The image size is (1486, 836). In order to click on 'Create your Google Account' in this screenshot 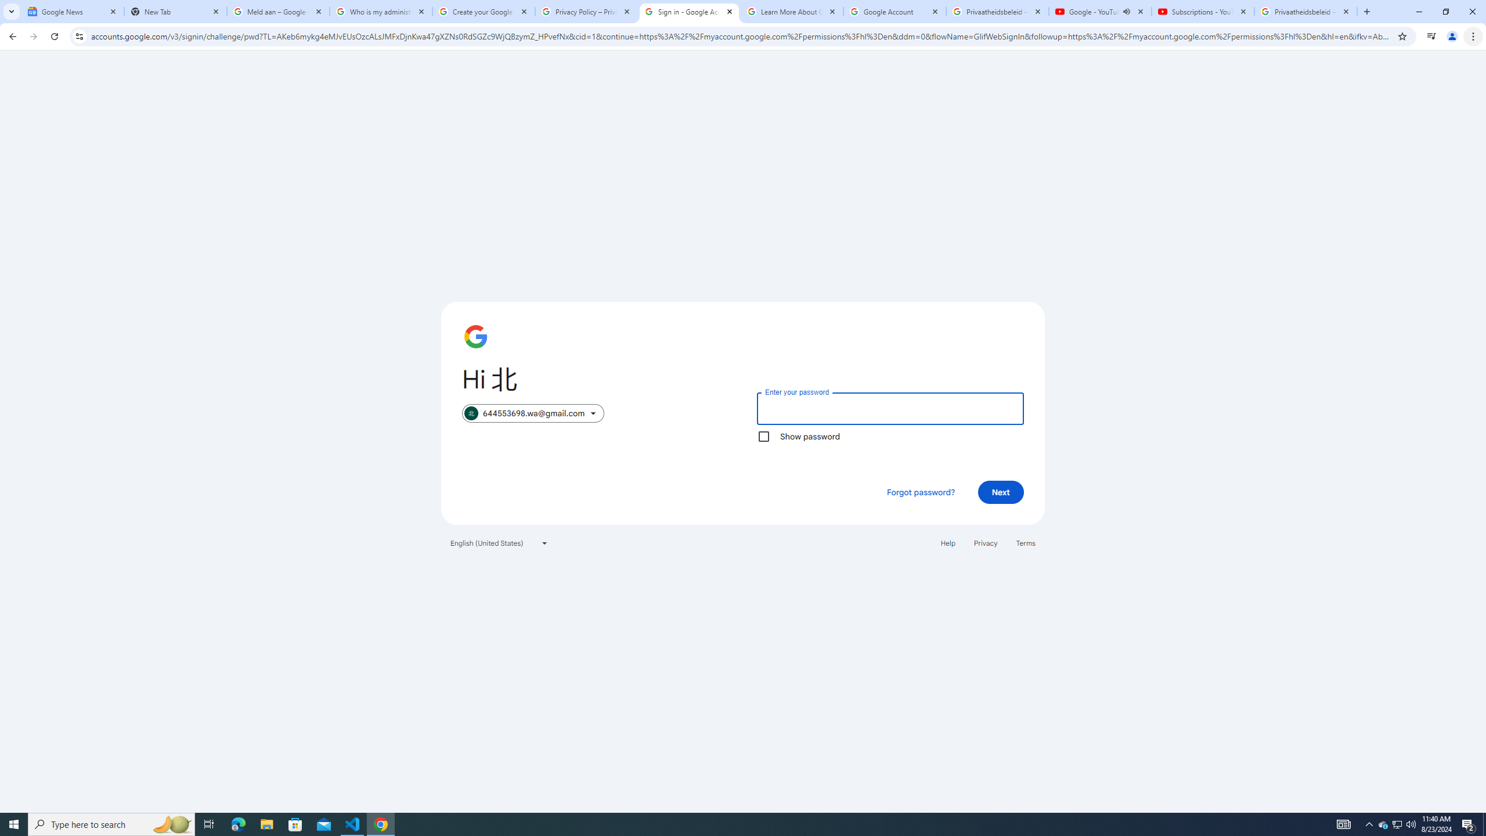, I will do `click(484, 11)`.